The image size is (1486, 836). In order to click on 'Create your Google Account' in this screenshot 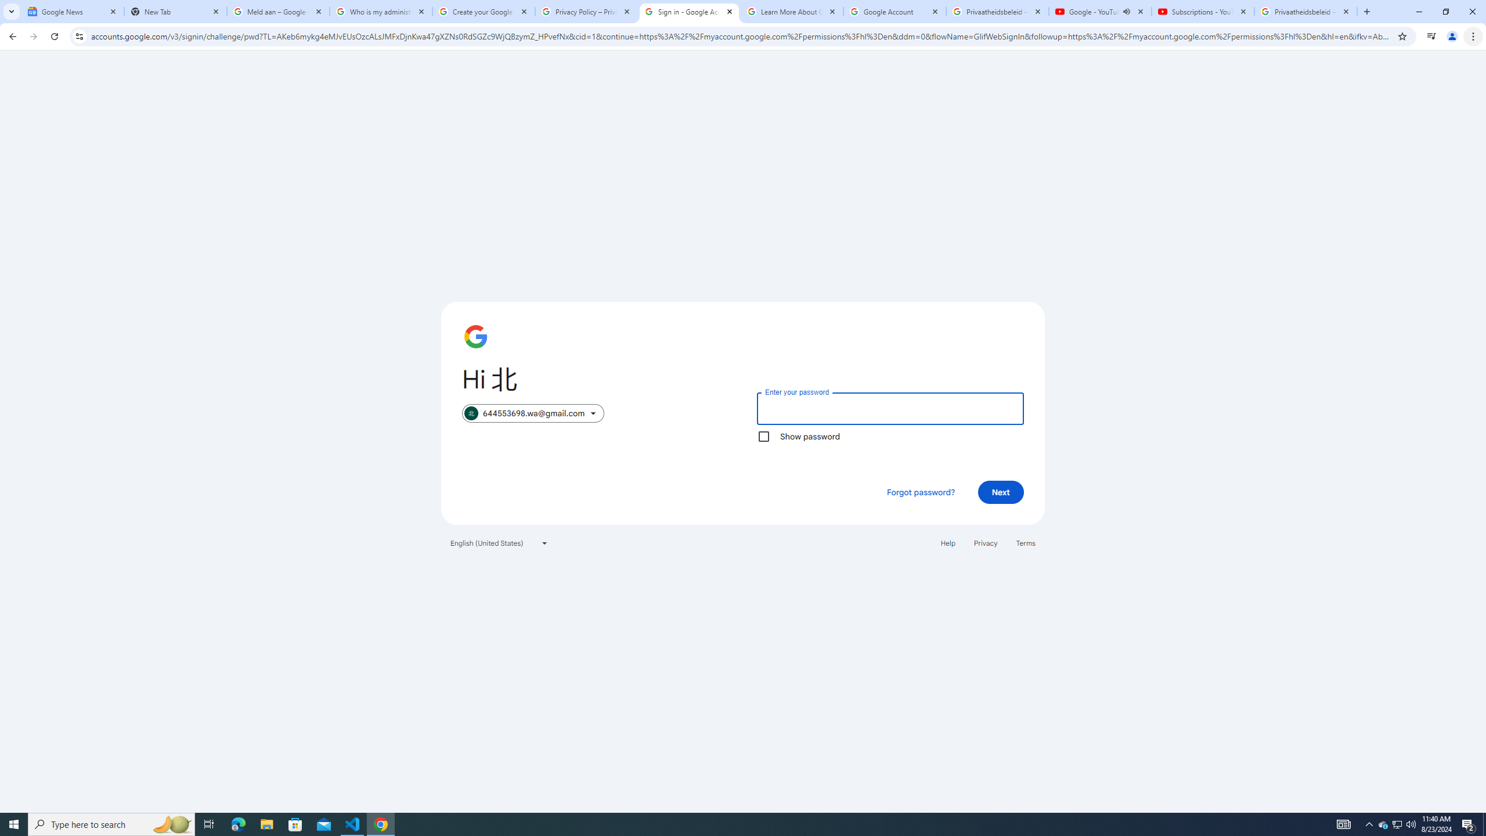, I will do `click(484, 11)`.